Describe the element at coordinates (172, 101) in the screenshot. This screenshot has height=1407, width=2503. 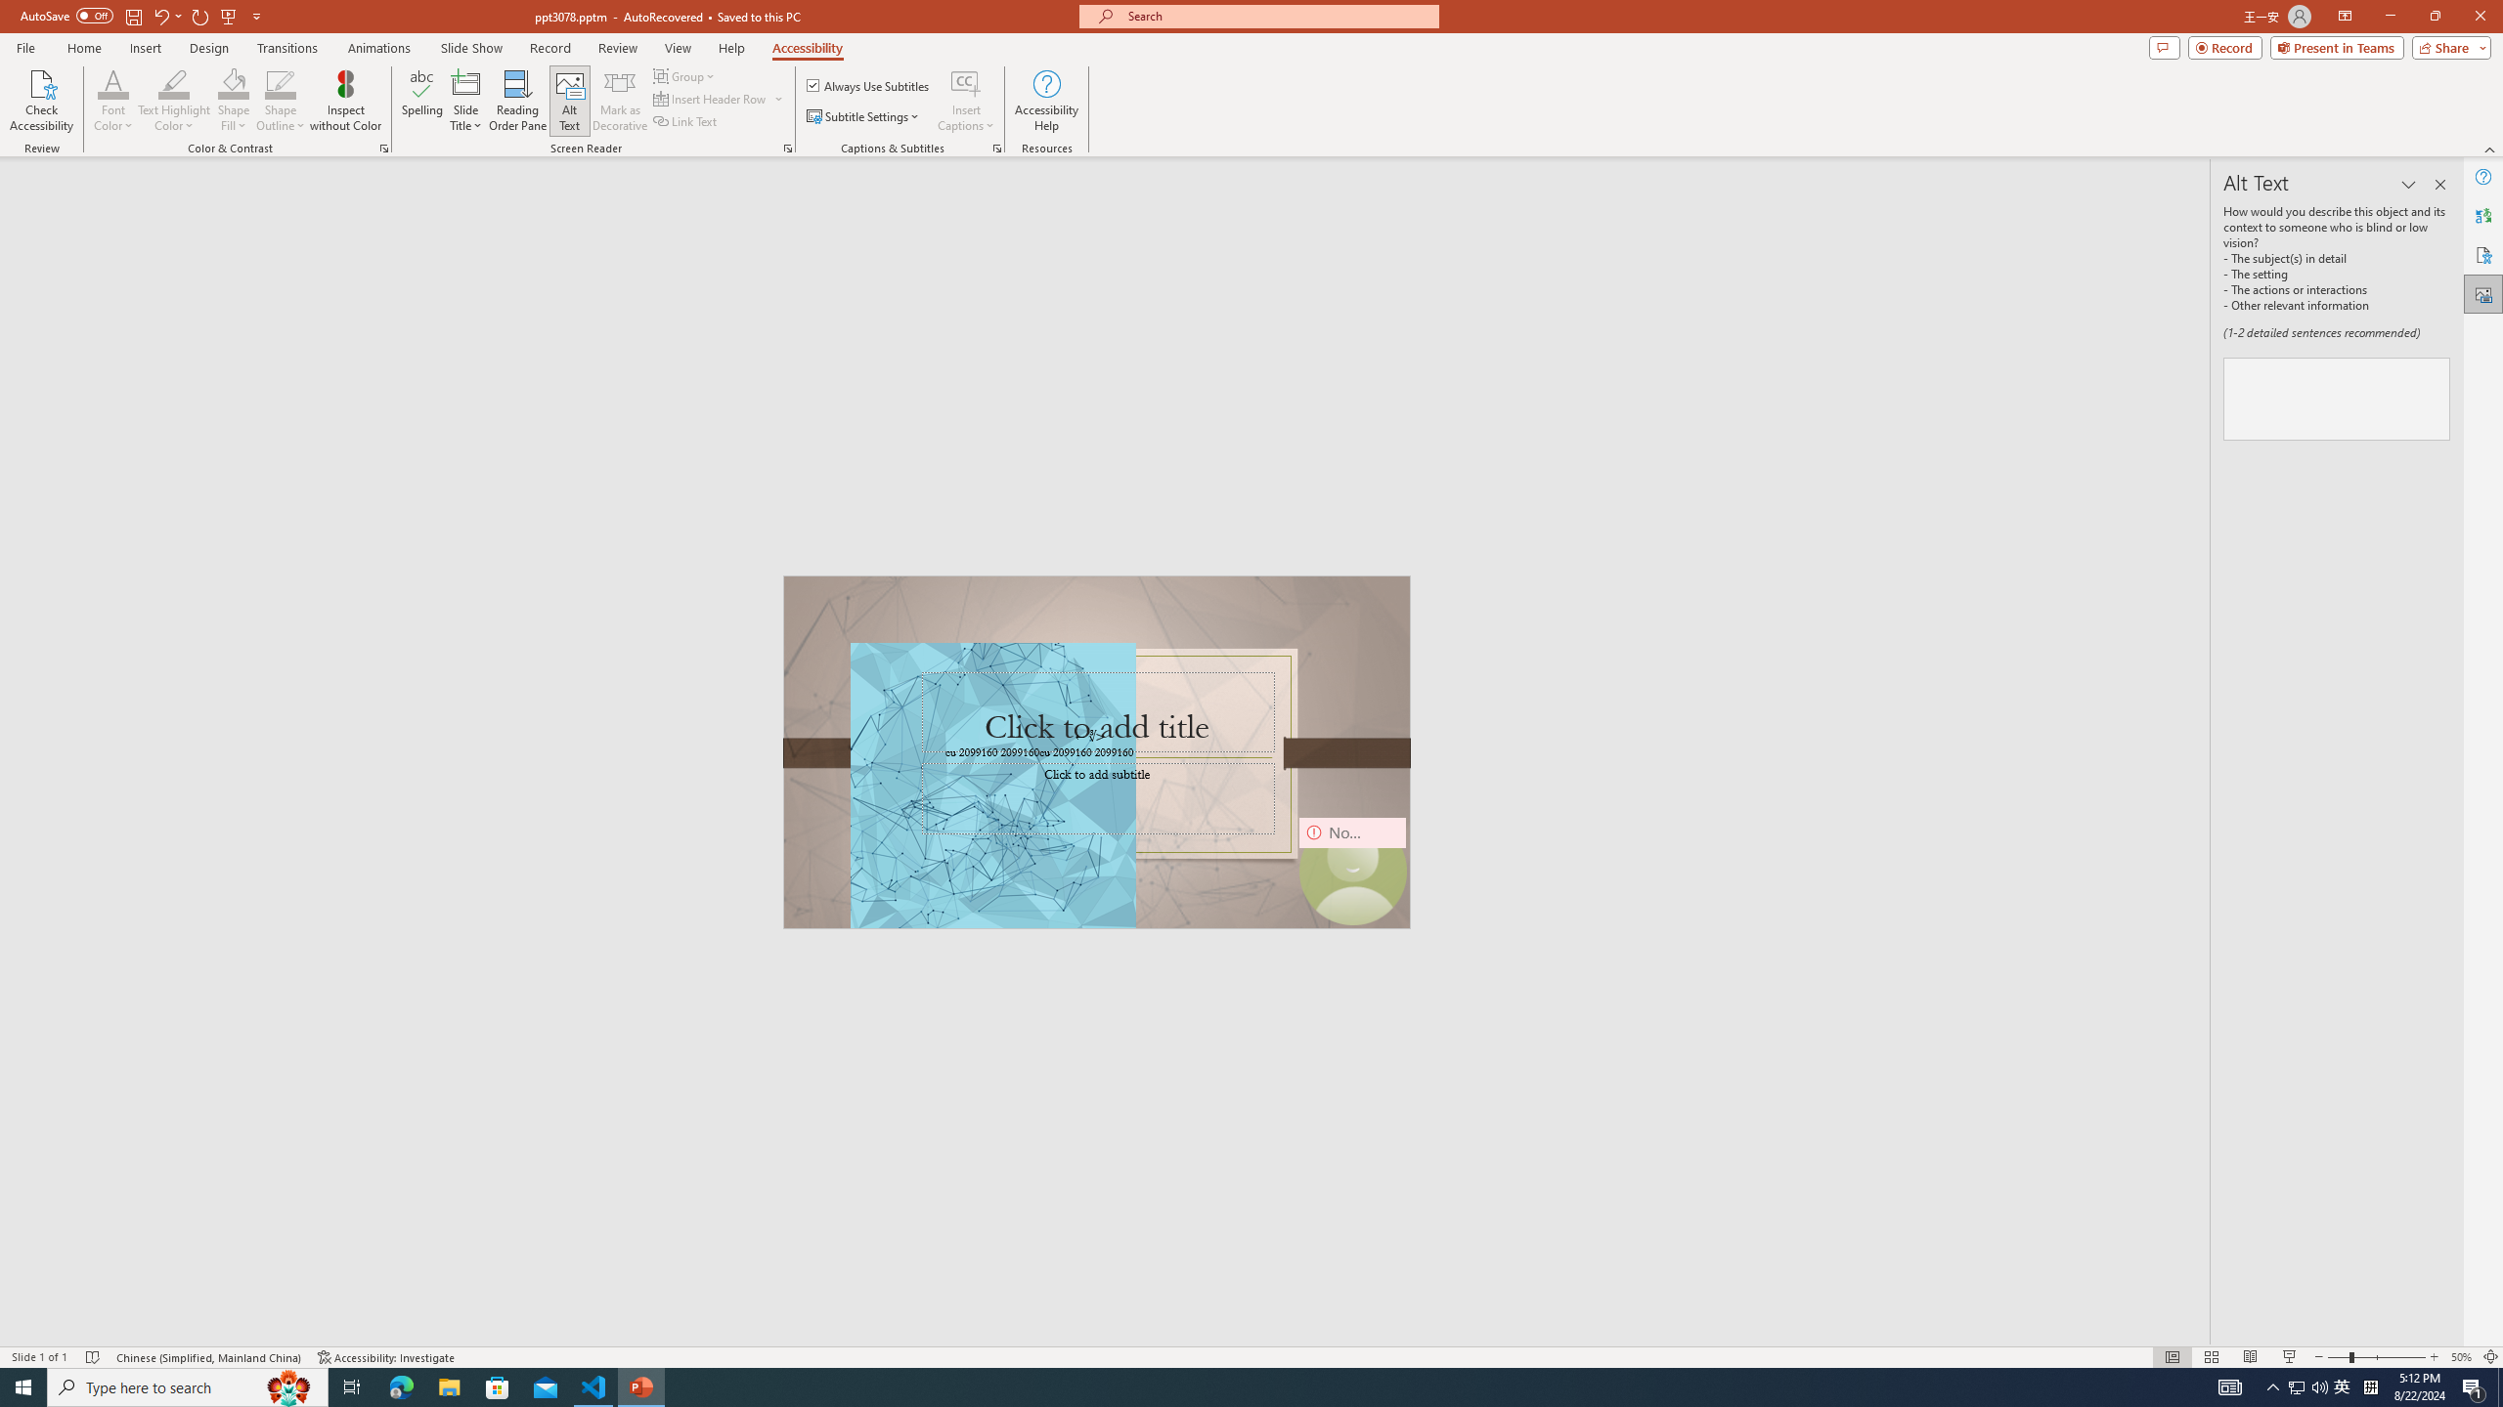
I see `'Text Highlight Color'` at that location.